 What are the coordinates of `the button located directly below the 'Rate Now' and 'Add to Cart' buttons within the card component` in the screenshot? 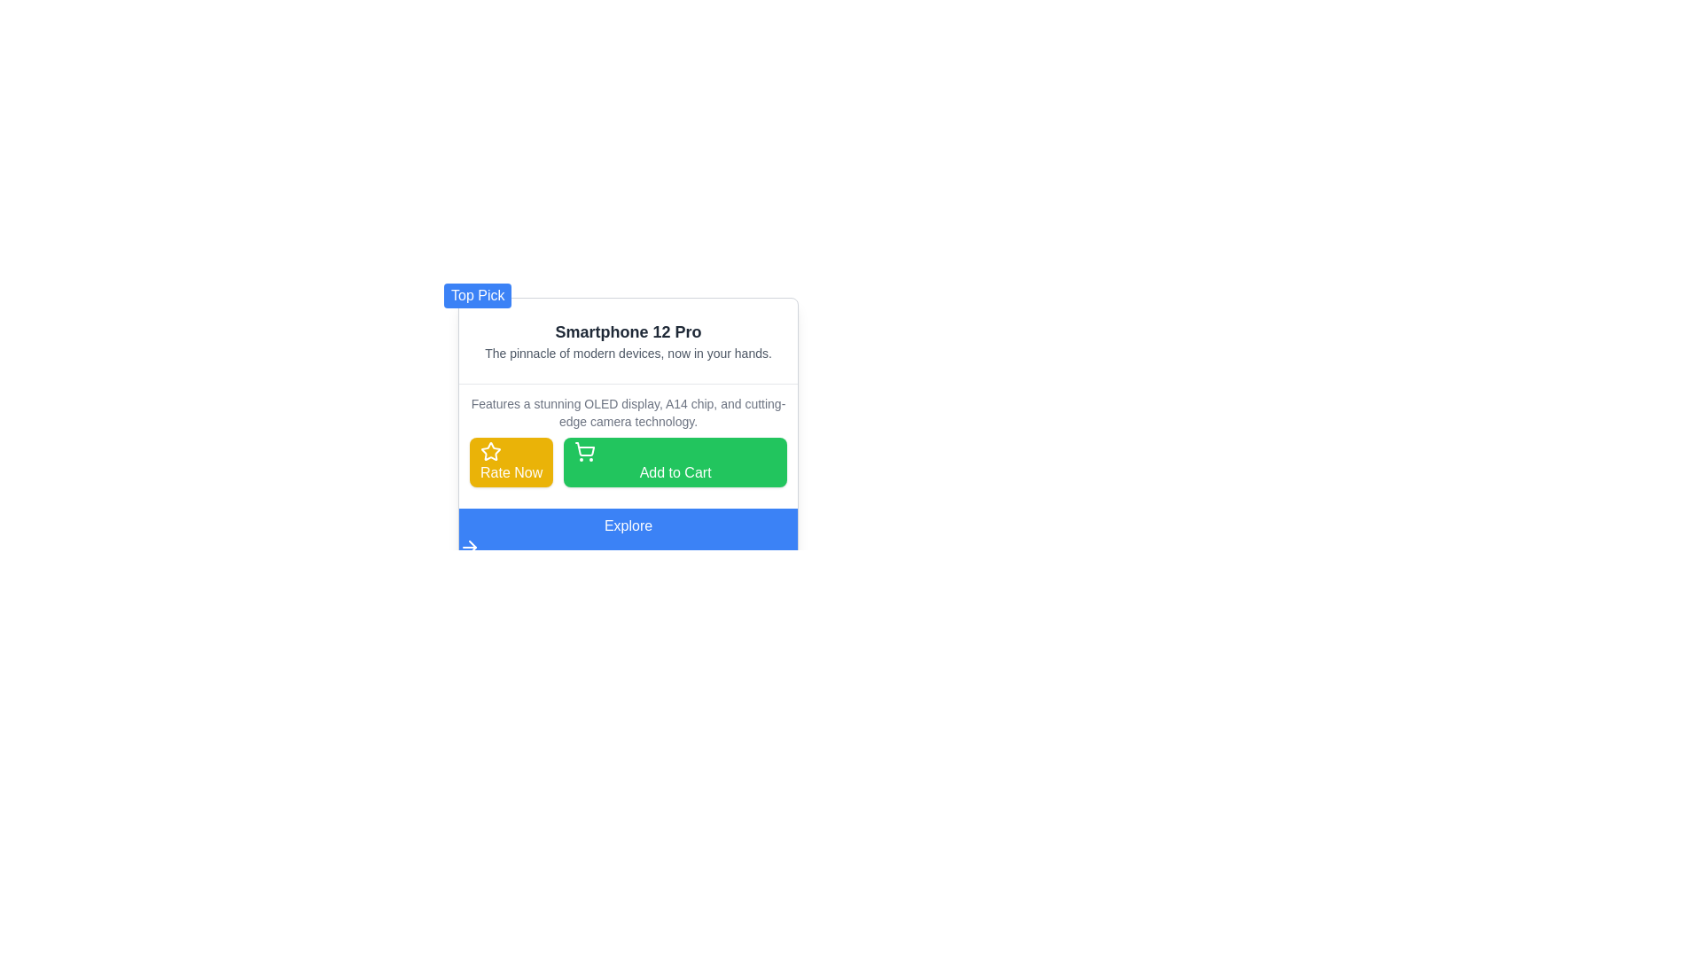 It's located at (628, 535).